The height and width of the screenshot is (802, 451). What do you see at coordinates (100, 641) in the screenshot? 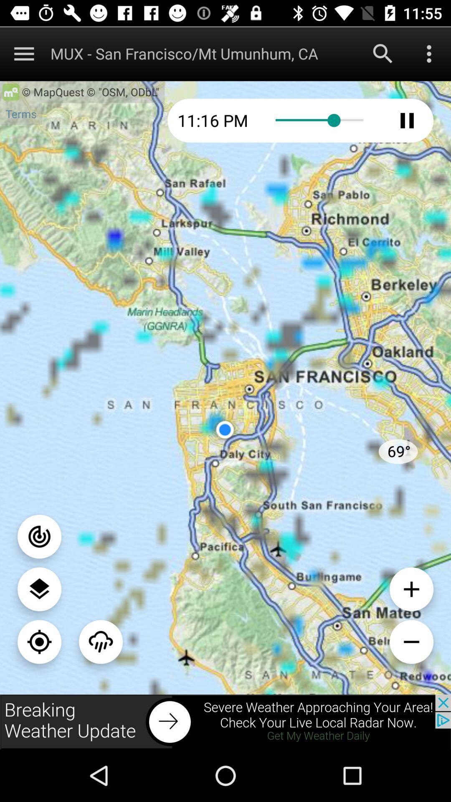
I see `the weather icon` at bounding box center [100, 641].